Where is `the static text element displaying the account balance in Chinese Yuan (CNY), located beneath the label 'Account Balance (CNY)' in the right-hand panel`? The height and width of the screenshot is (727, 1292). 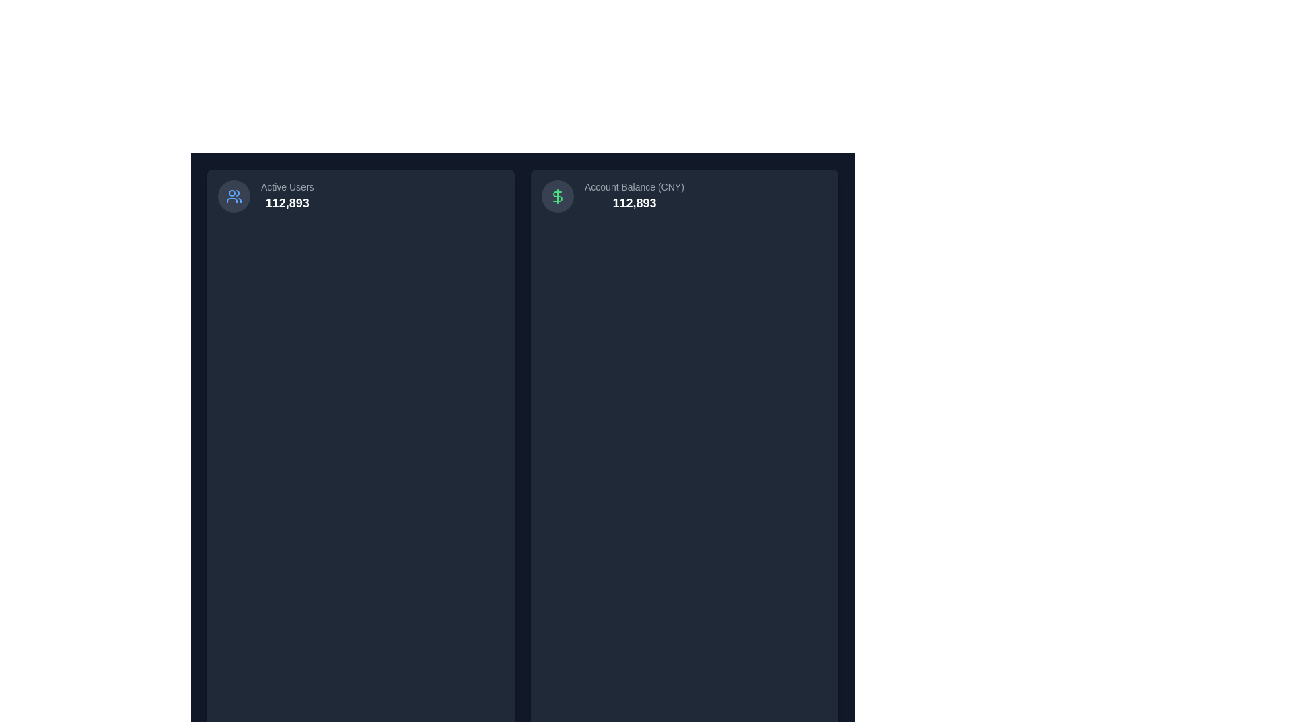 the static text element displaying the account balance in Chinese Yuan (CNY), located beneath the label 'Account Balance (CNY)' in the right-hand panel is located at coordinates (633, 203).